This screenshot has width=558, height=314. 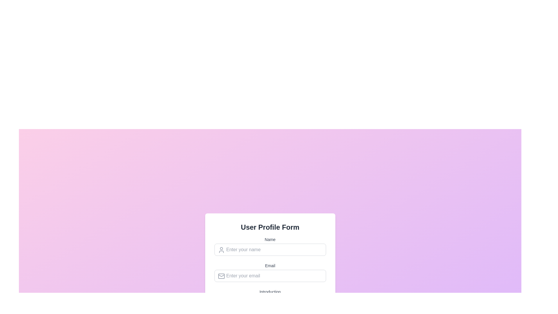 I want to click on the Decorative Icon that signifies the email input field, located to the left of the email input box, so click(x=221, y=276).